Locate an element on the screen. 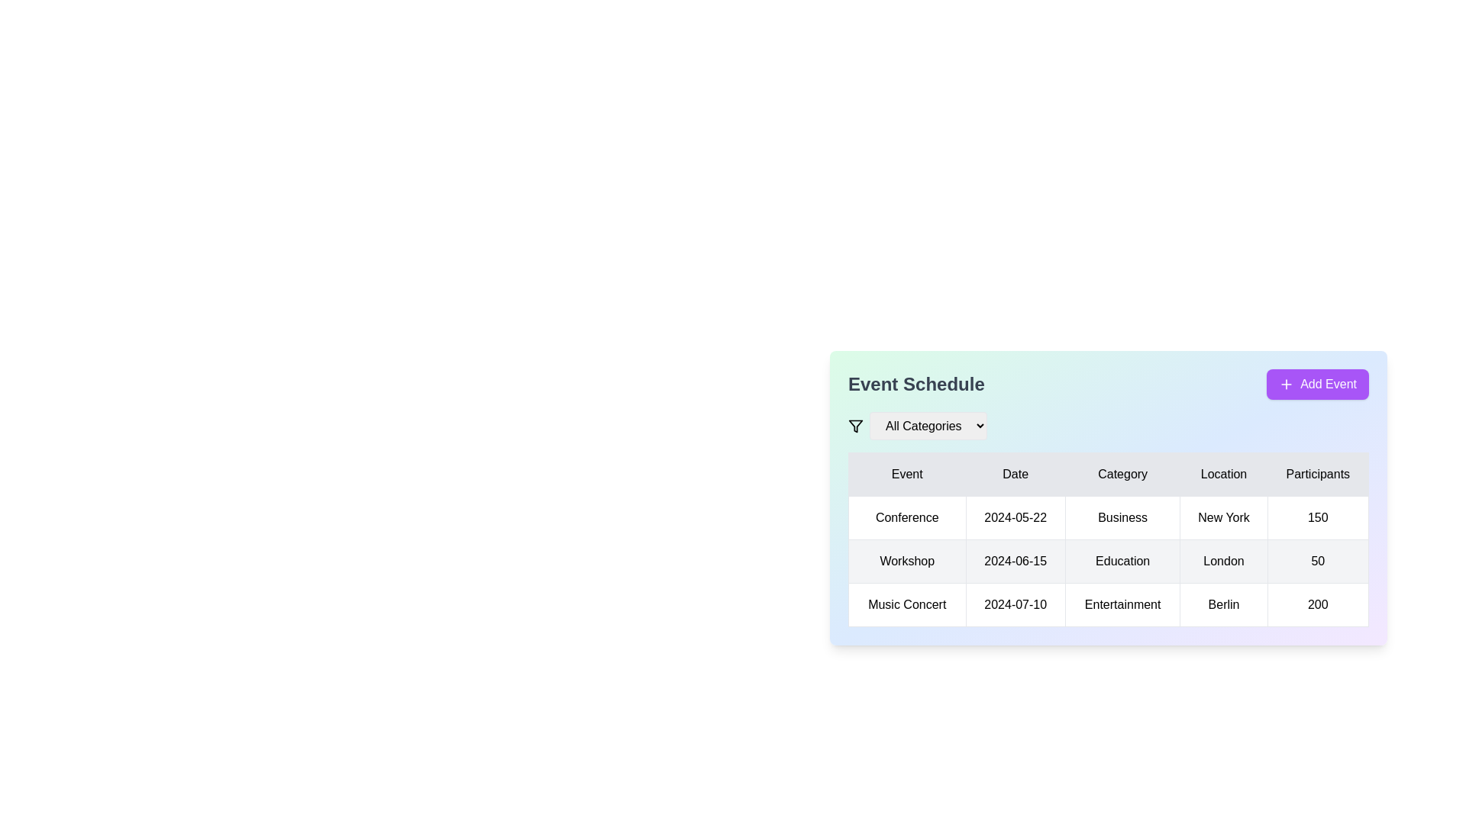 This screenshot has width=1466, height=824. the static text element that serves as the label for the type of event in the first column of the first row under the 'Event' header is located at coordinates (907, 517).